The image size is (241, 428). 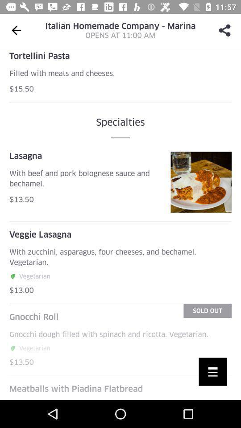 I want to click on the arrow_backward icon, so click(x=16, y=30).